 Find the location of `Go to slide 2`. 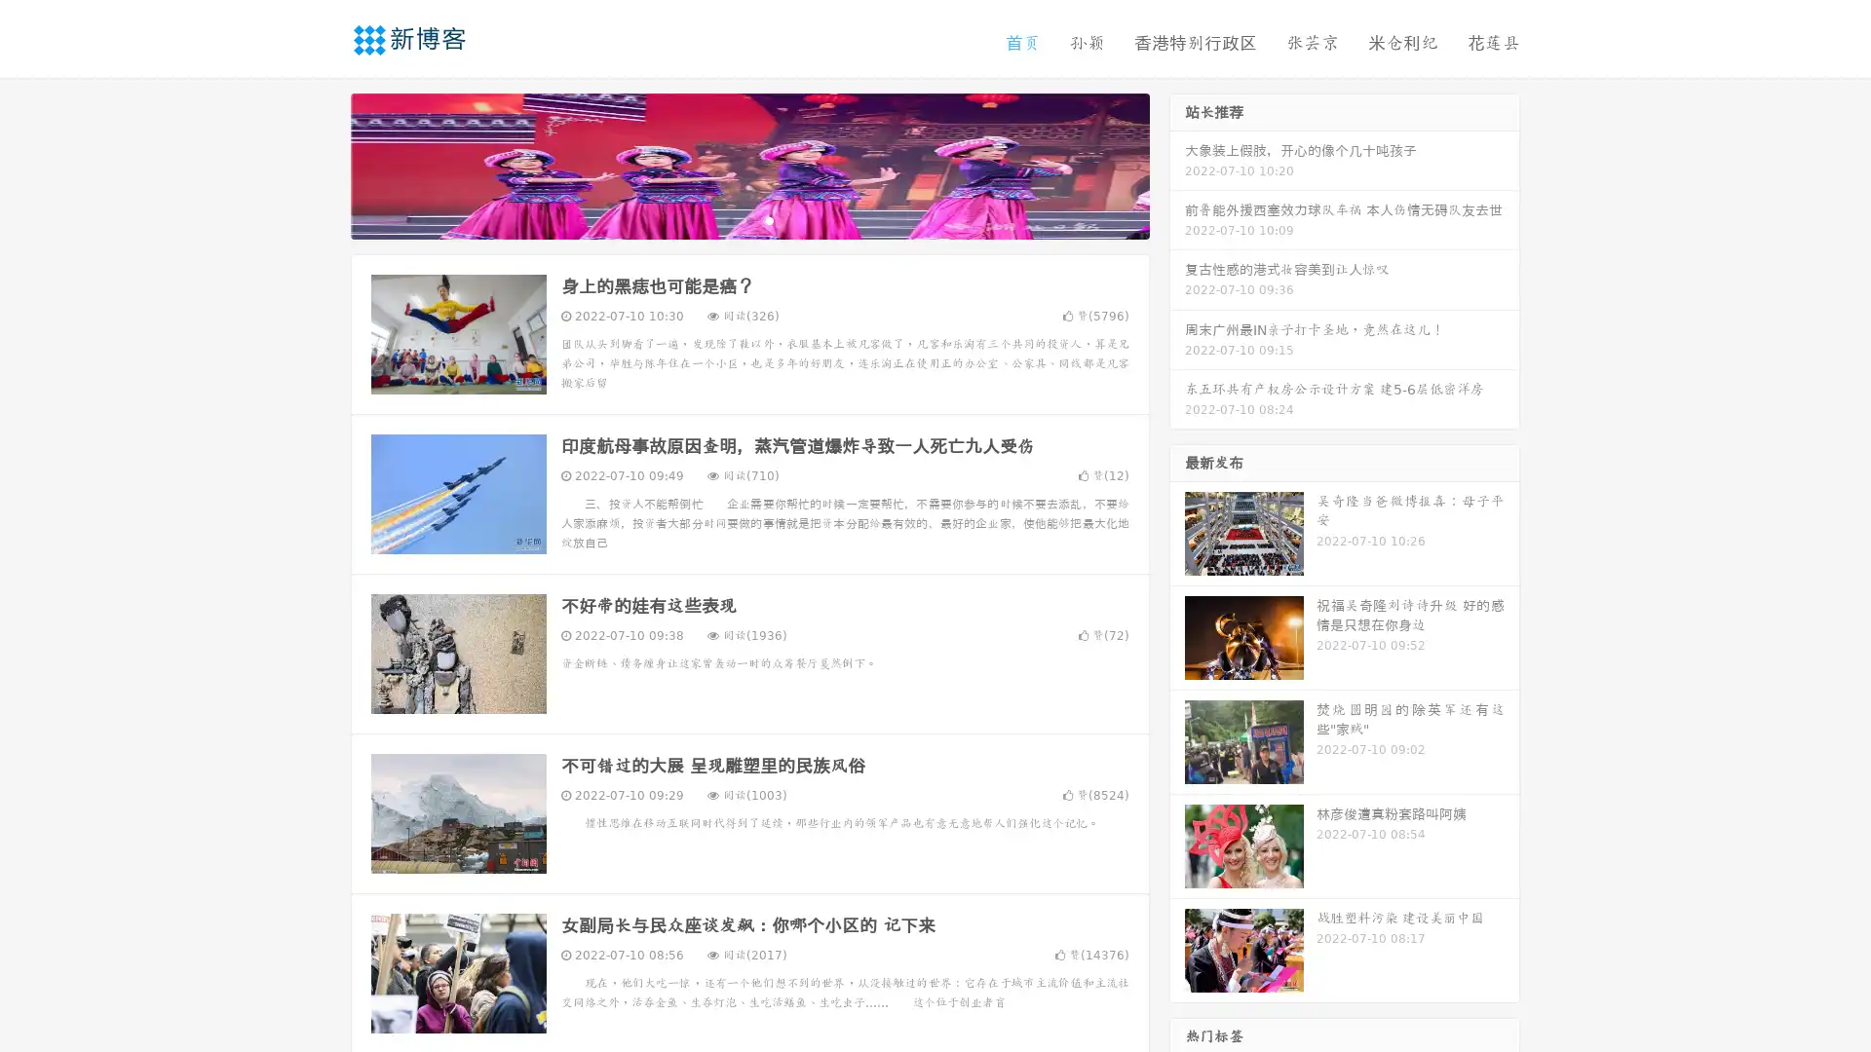

Go to slide 2 is located at coordinates (748, 219).